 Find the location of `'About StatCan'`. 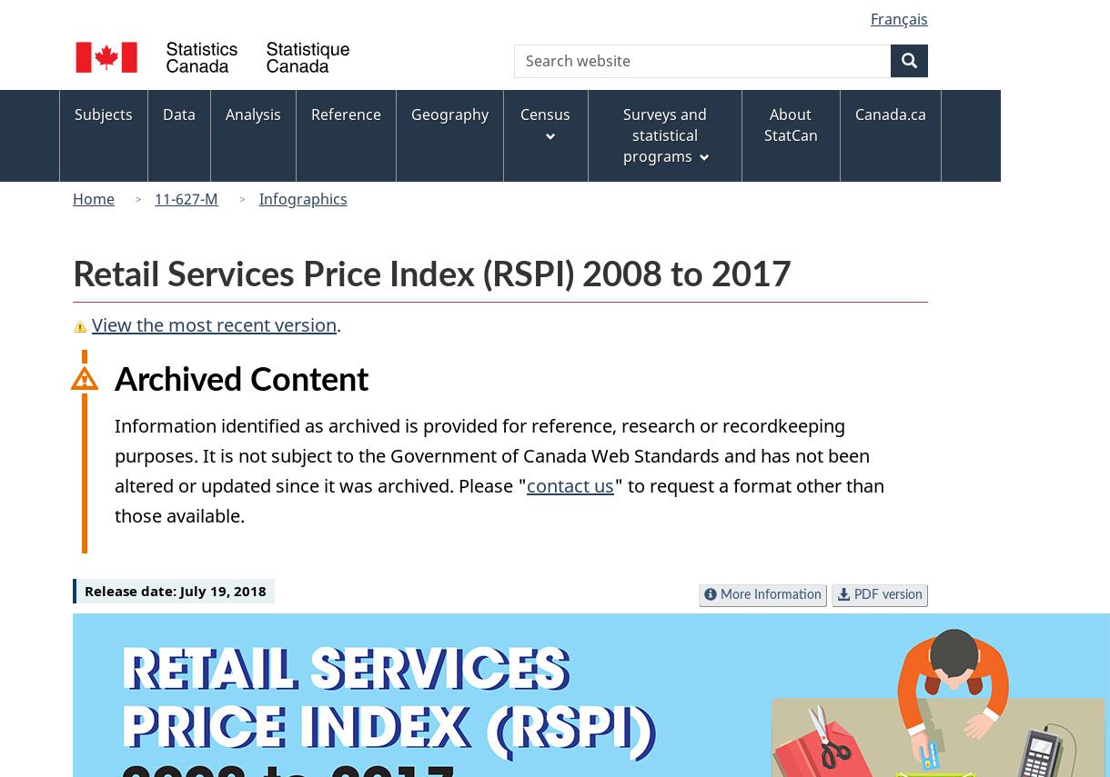

'About StatCan' is located at coordinates (762, 124).